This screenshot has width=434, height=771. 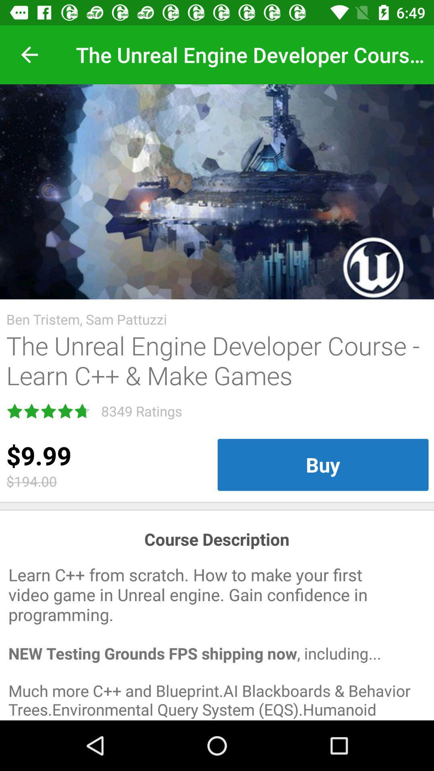 What do you see at coordinates (217, 191) in the screenshot?
I see `icon above ben tristem sam icon` at bounding box center [217, 191].